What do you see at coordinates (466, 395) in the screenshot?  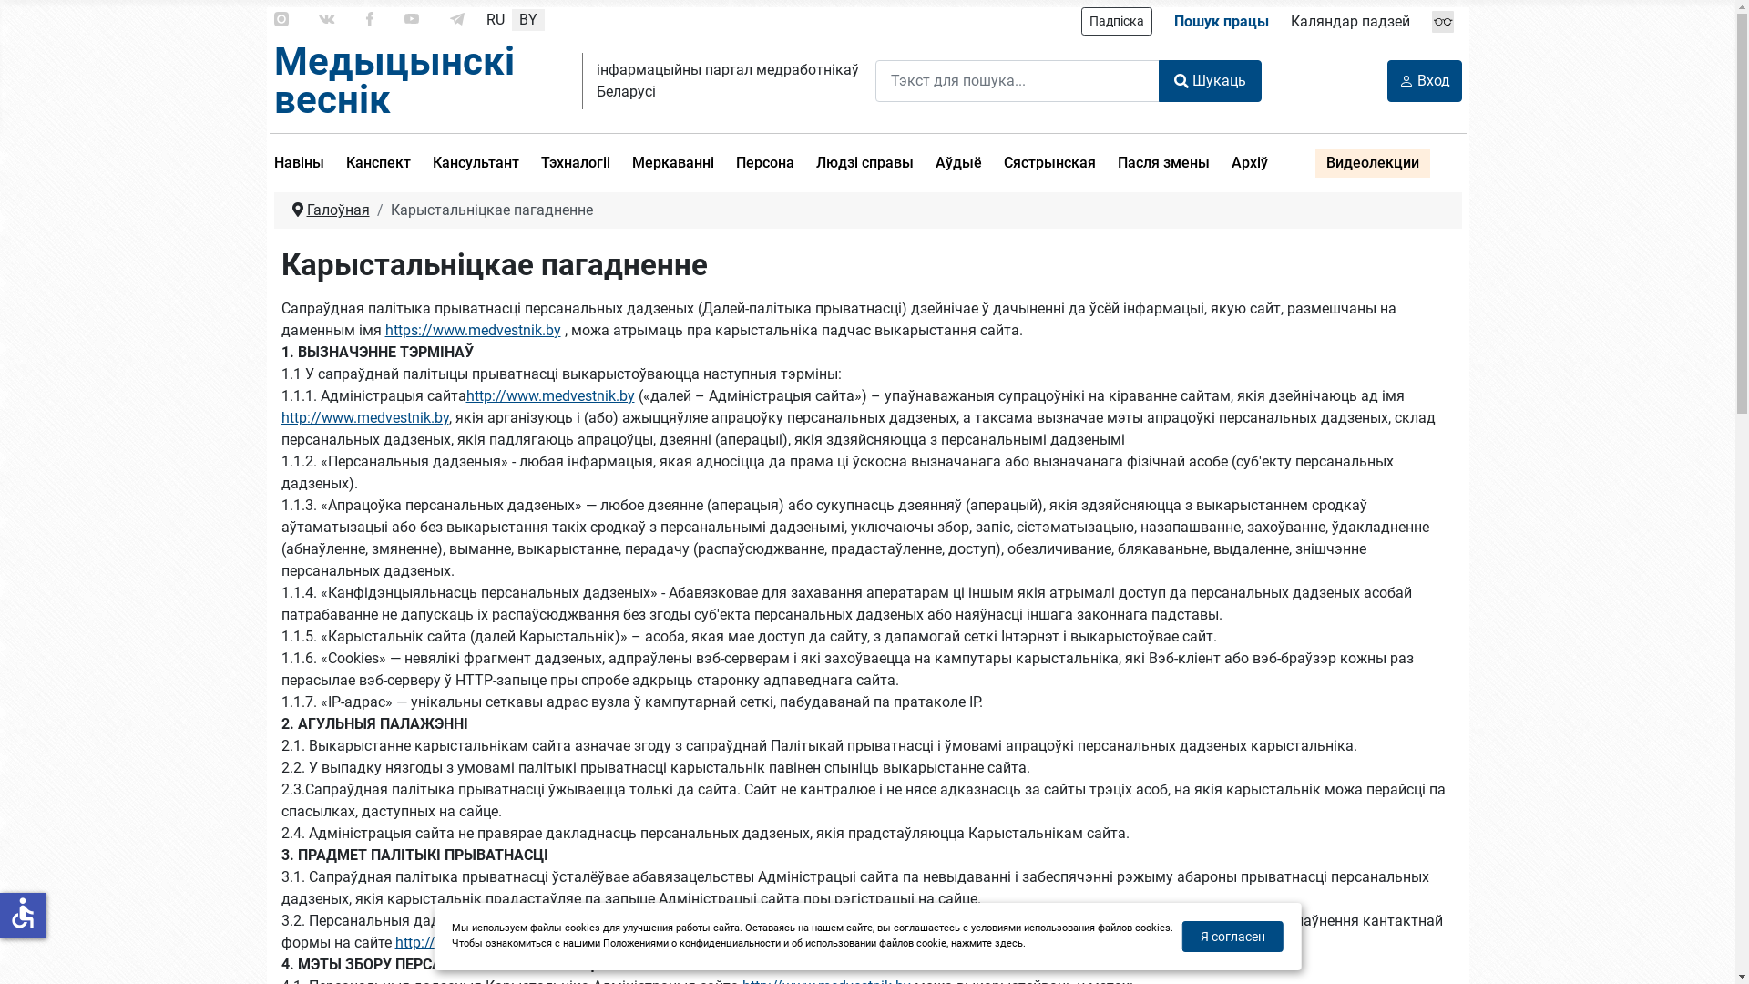 I see `'http://www.medvestnik.by'` at bounding box center [466, 395].